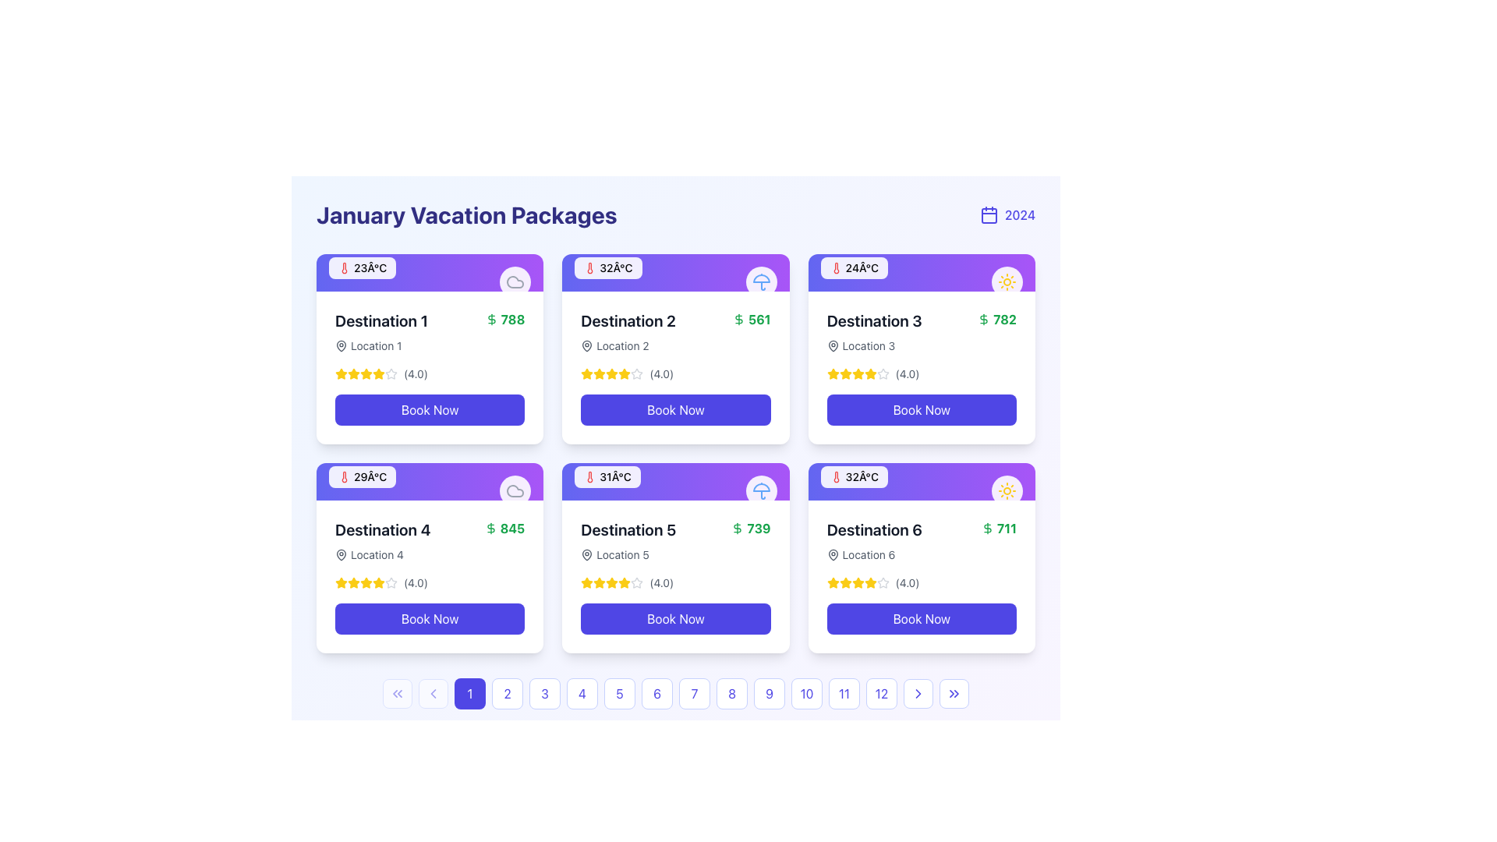 The height and width of the screenshot is (842, 1497). I want to click on the circular button displaying the numeral '3' in the pagination bar to observe potential hover effects, so click(545, 693).